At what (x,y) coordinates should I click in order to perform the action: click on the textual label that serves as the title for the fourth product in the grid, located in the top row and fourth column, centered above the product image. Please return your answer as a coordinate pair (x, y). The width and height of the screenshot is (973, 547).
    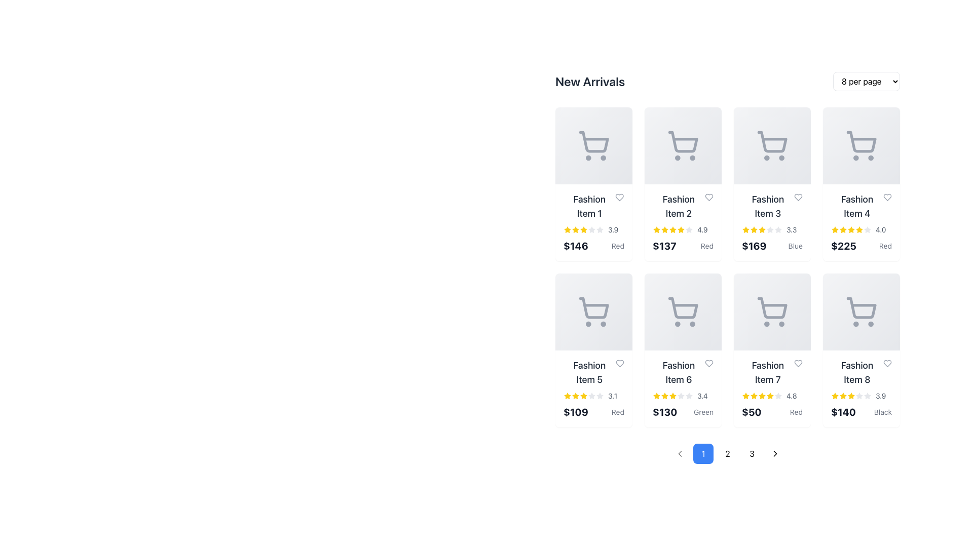
    Looking at the image, I should click on (856, 206).